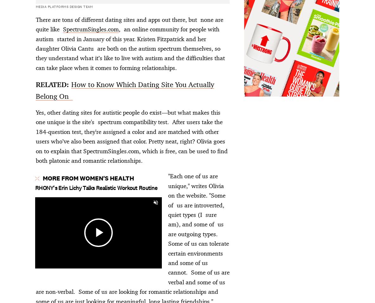 This screenshot has width=375, height=303. Describe the element at coordinates (187, 146) in the screenshot. I see `'Advertisement - Continue Reading Below'` at that location.